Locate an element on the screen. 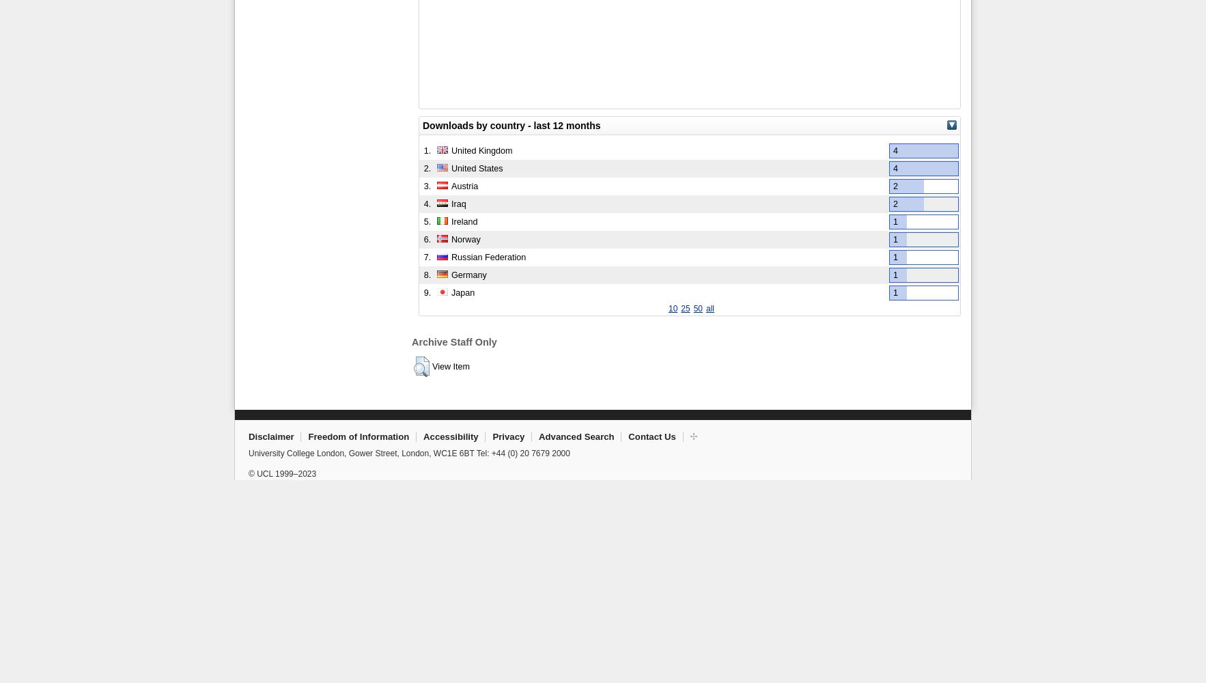  '© UCL 1999–' is located at coordinates (272, 473).